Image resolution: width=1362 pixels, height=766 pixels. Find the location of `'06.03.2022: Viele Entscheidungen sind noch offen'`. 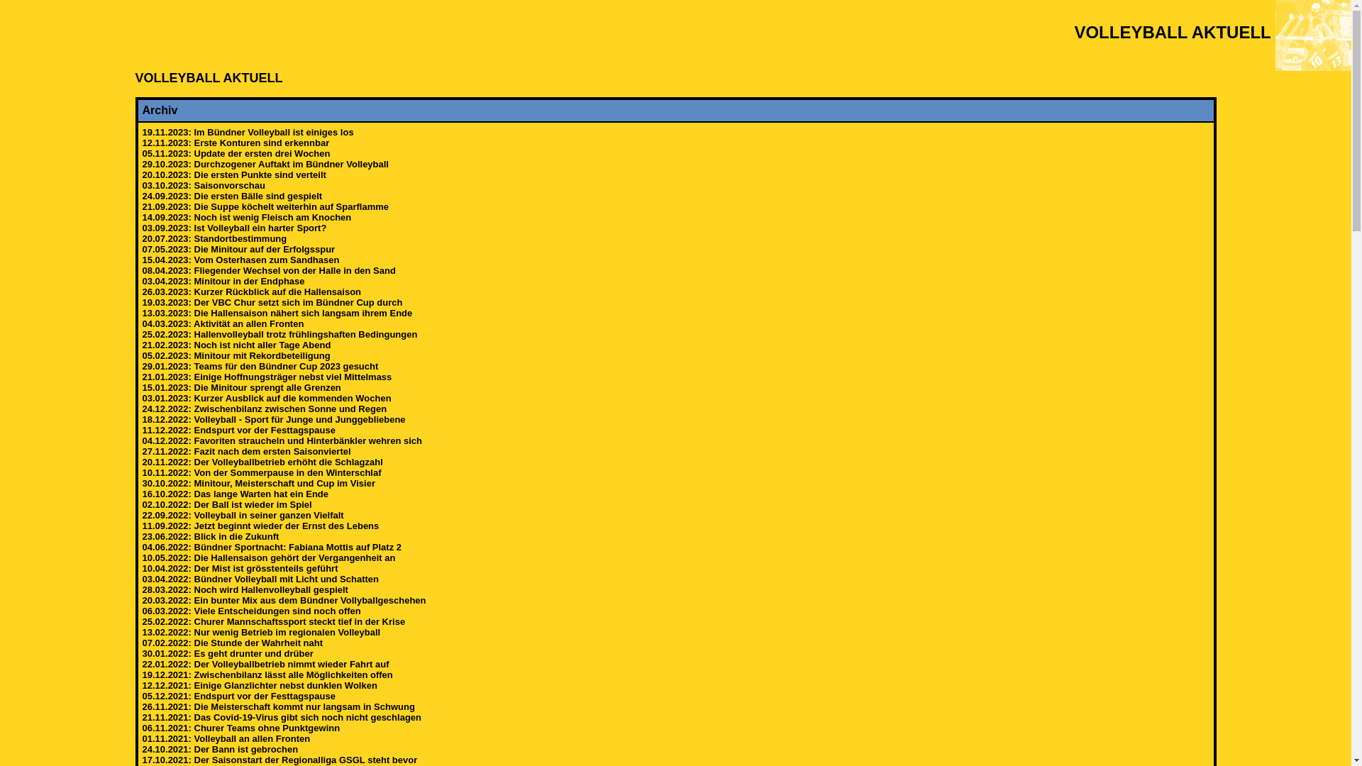

'06.03.2022: Viele Entscheidungen sind noch offen' is located at coordinates (251, 610).